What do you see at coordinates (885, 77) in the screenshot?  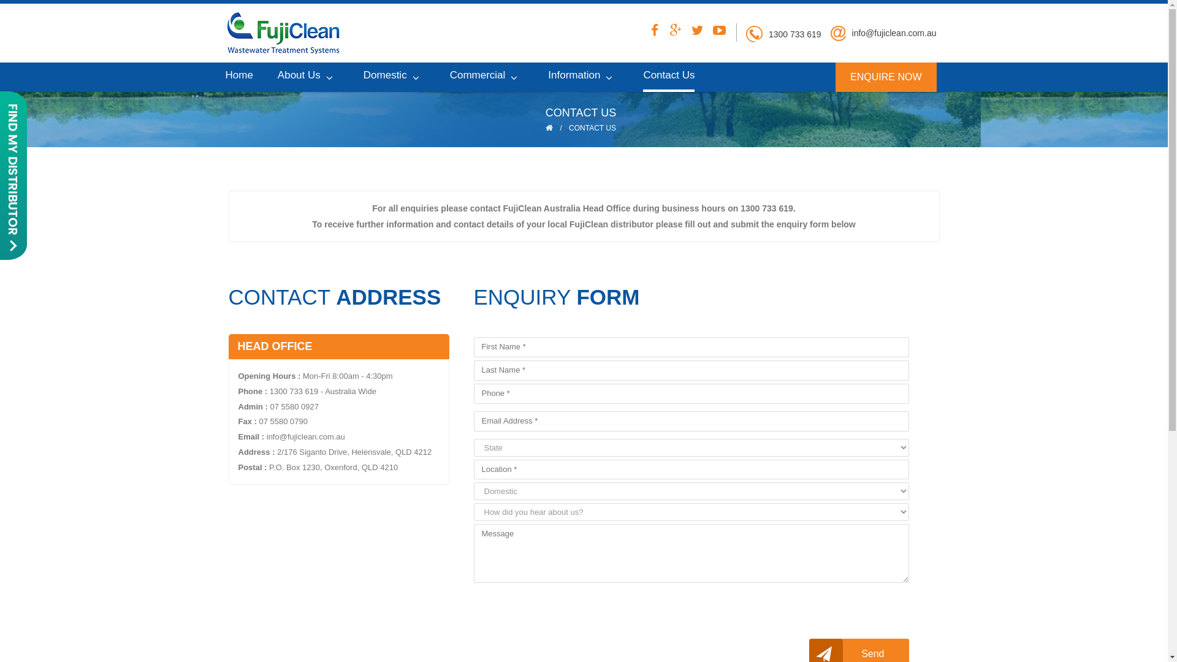 I see `'ENQUIRE NOW'` at bounding box center [885, 77].